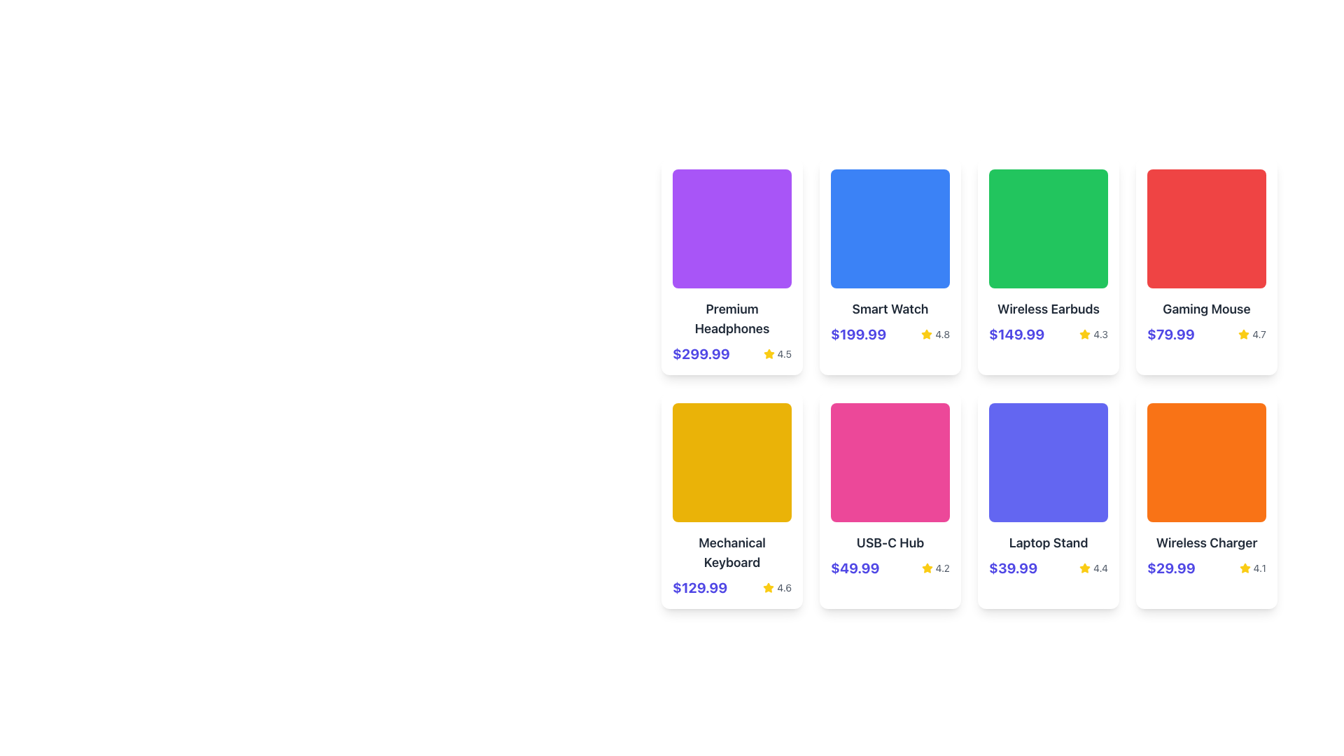 Image resolution: width=1344 pixels, height=756 pixels. What do you see at coordinates (1170, 335) in the screenshot?
I see `price information displayed in the text label showing '$79.99' in a bold blue font, located in the fourth card of the top row, below the title 'Gaming Mouse'` at bounding box center [1170, 335].